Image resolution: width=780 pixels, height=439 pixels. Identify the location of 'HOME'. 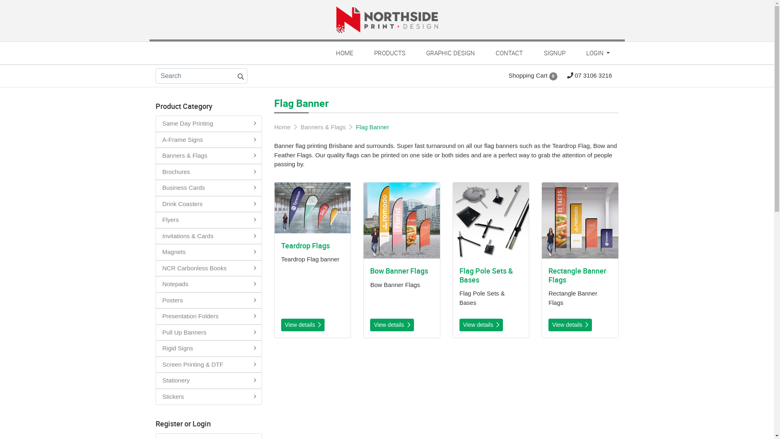
(344, 53).